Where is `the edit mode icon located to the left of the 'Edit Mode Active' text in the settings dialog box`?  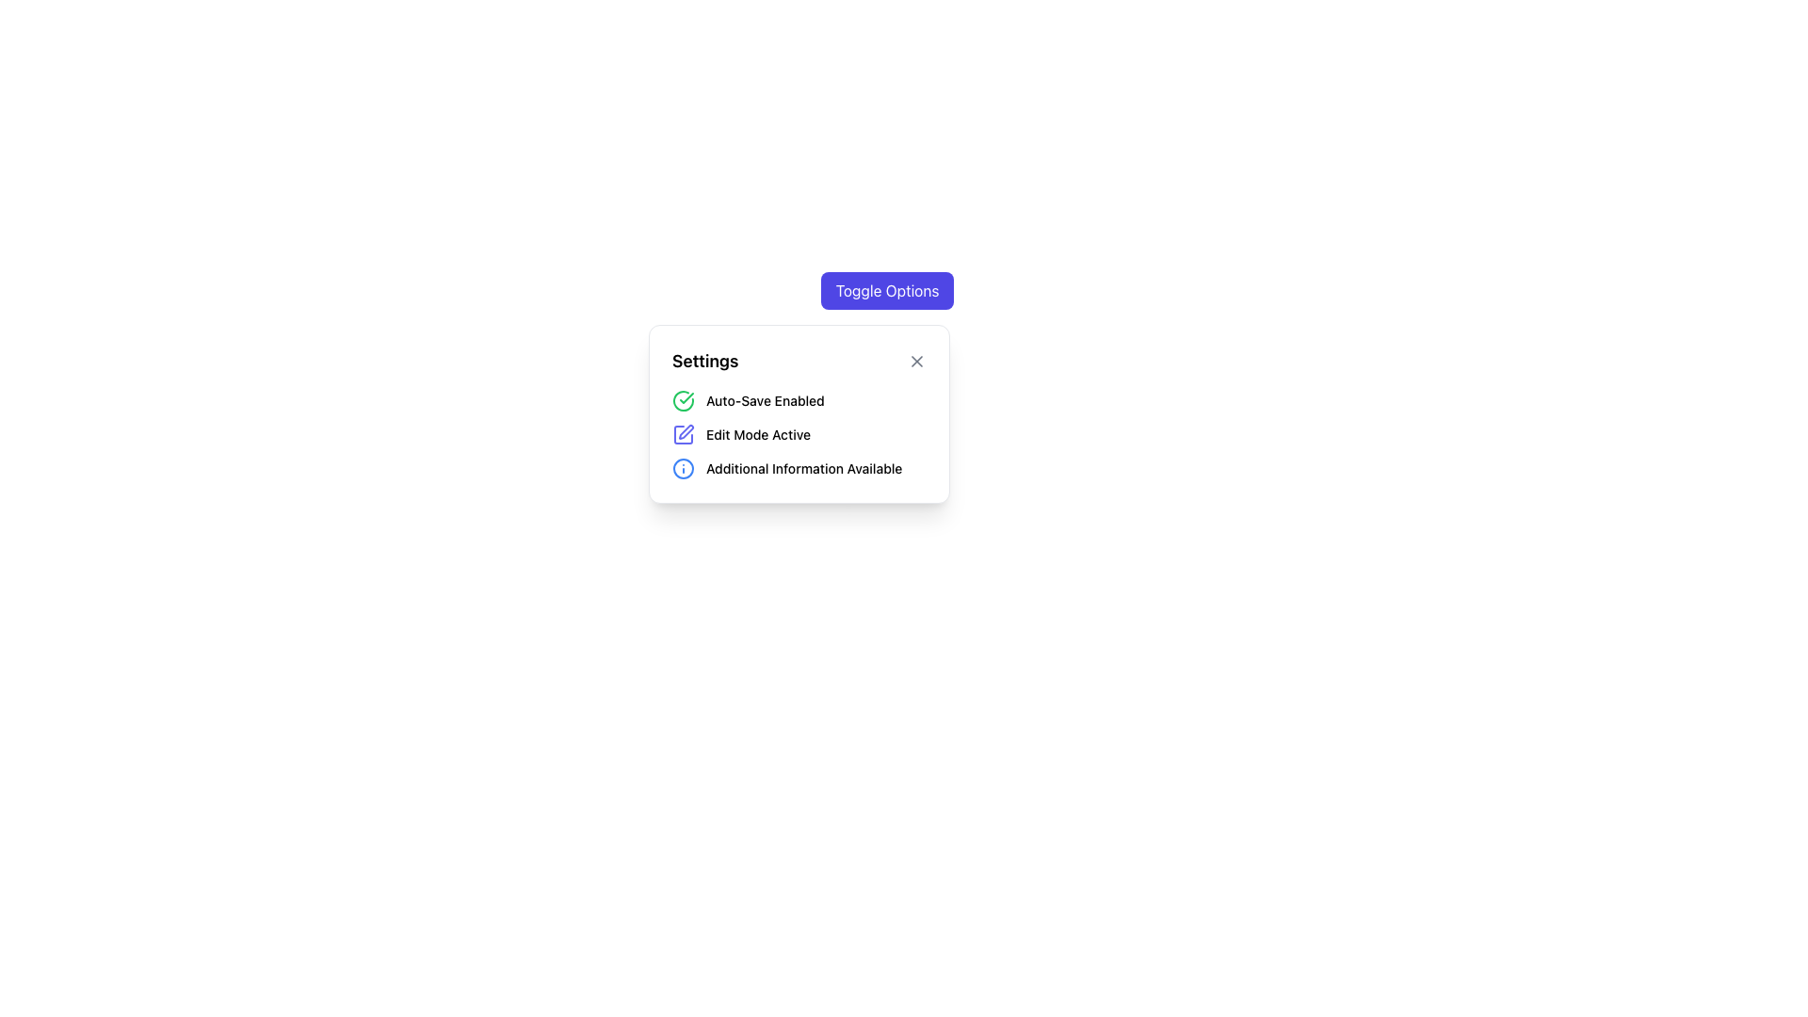
the edit mode icon located to the left of the 'Edit Mode Active' text in the settings dialog box is located at coordinates (682, 435).